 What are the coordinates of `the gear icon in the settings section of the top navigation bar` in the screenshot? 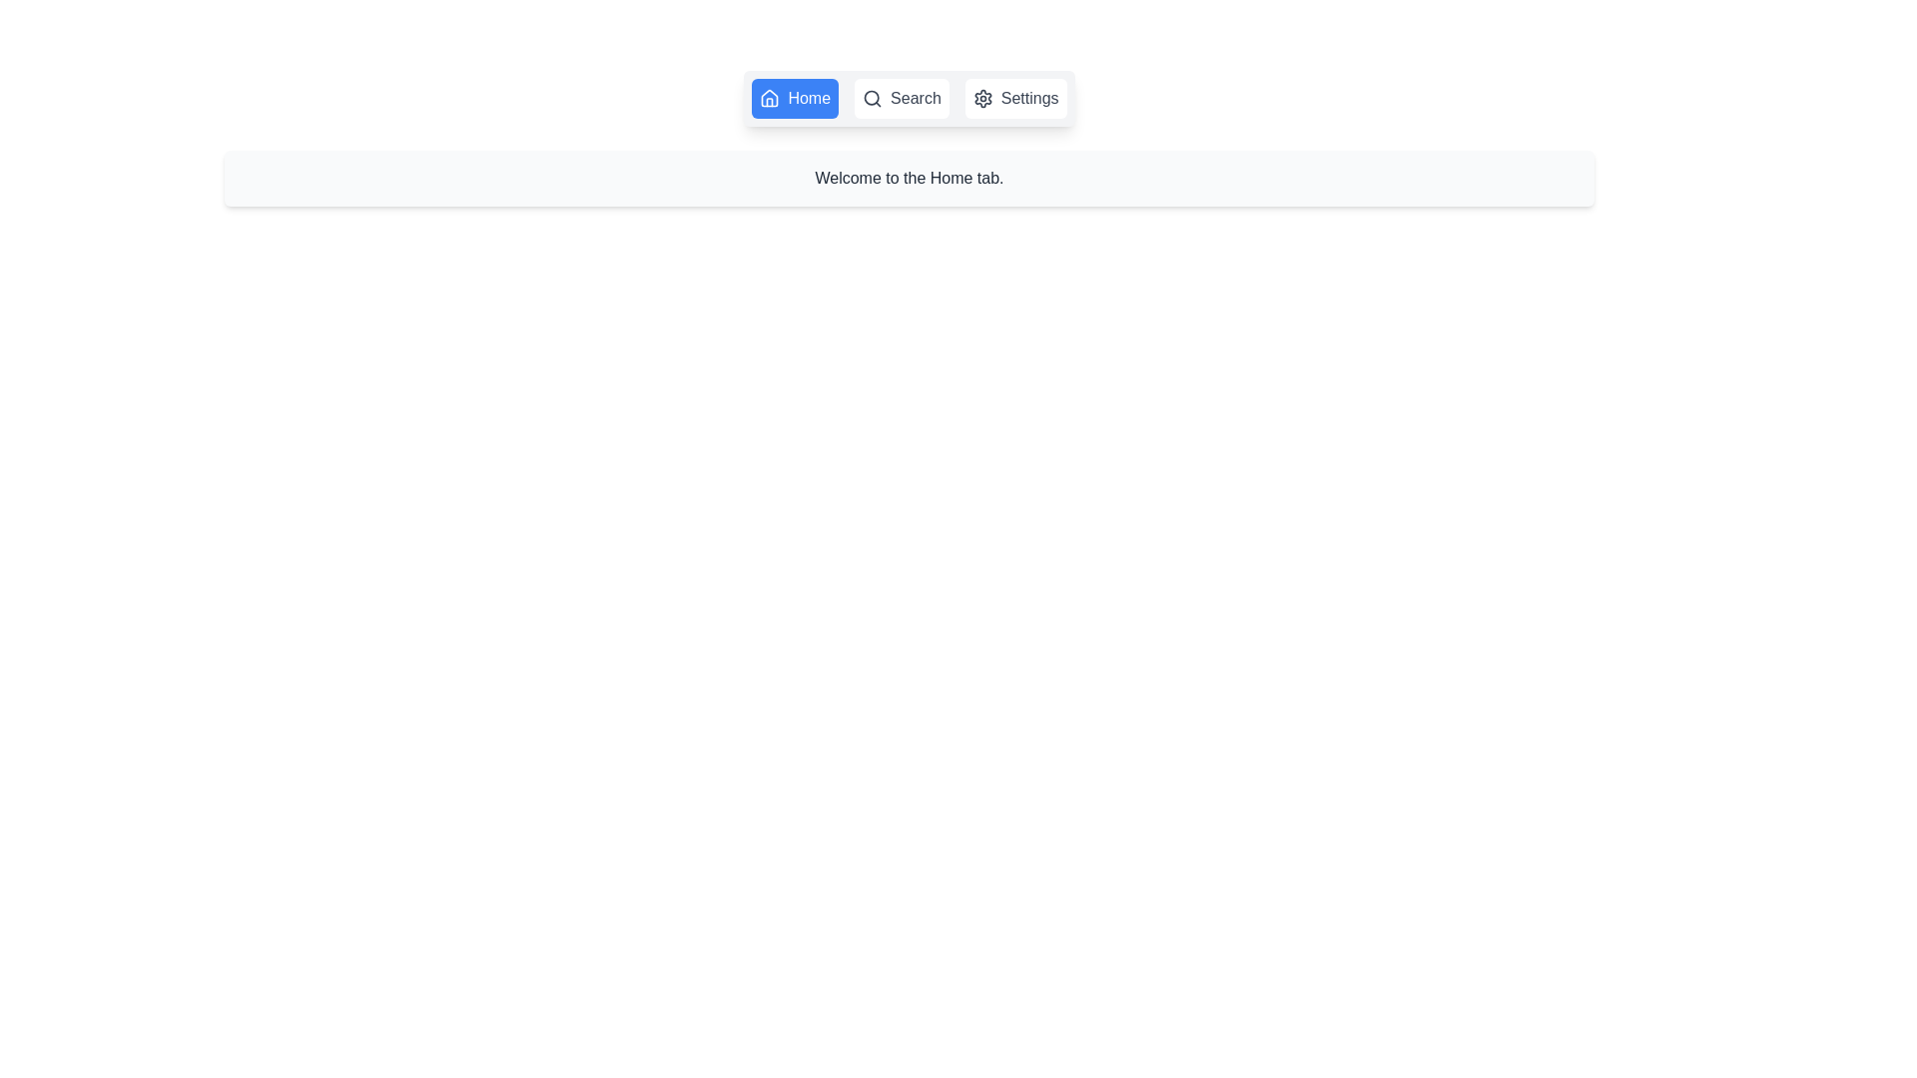 It's located at (982, 99).